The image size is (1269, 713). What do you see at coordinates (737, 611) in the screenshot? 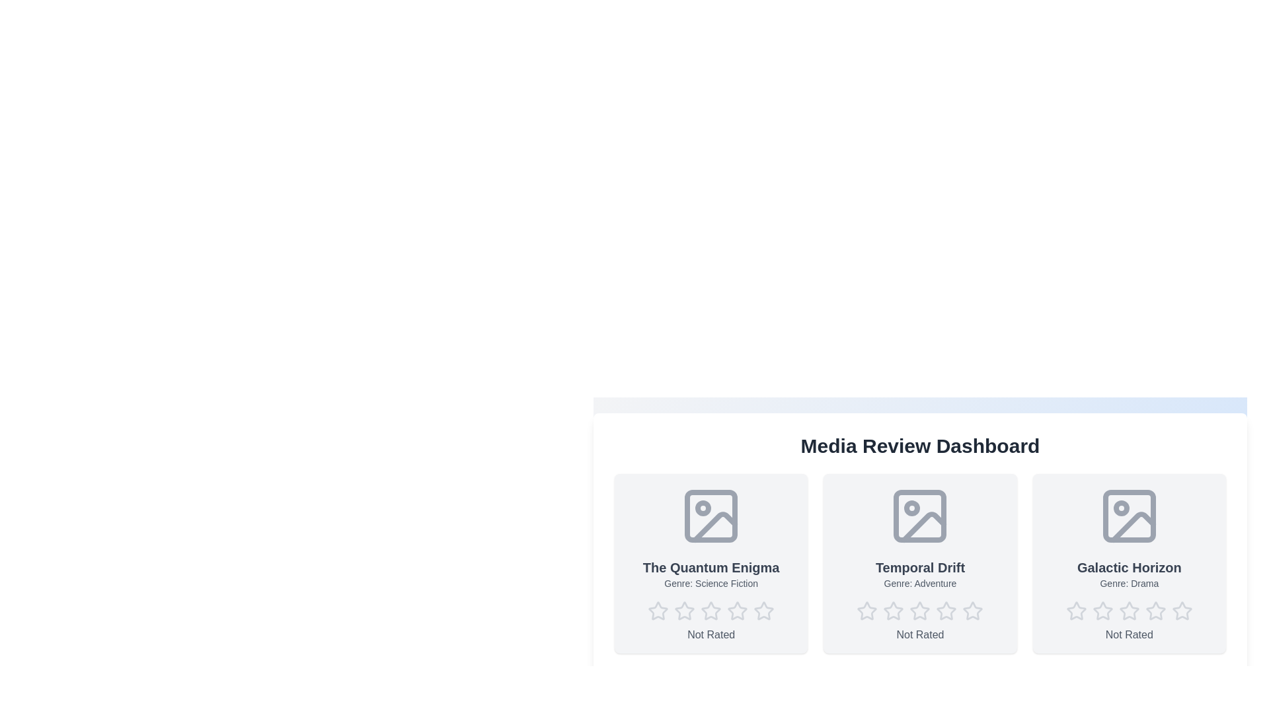
I see `the star corresponding to the desired rating 4 for the media item The Quantum Enigma` at bounding box center [737, 611].